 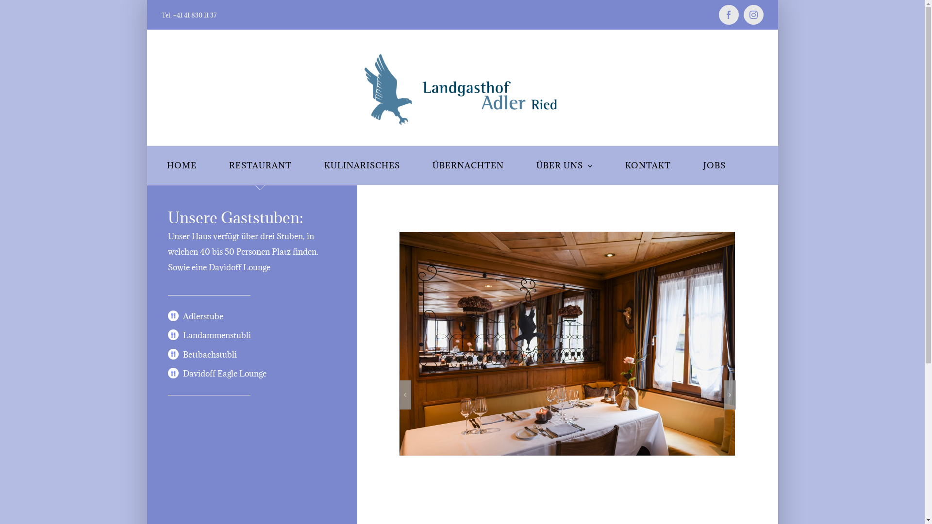 What do you see at coordinates (714, 164) in the screenshot?
I see `'JOBS'` at bounding box center [714, 164].